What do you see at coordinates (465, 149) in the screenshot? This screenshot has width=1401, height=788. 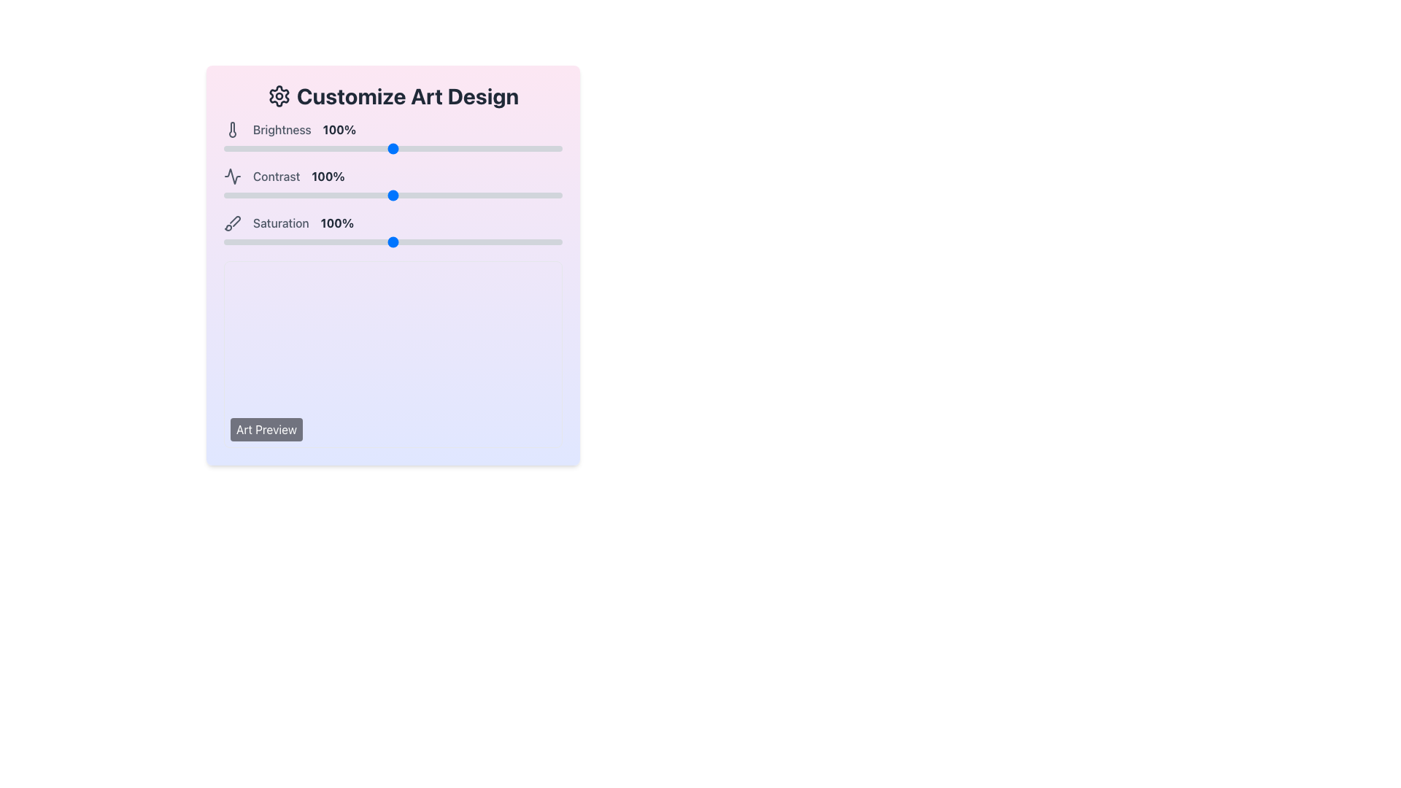 I see `brightness` at bounding box center [465, 149].